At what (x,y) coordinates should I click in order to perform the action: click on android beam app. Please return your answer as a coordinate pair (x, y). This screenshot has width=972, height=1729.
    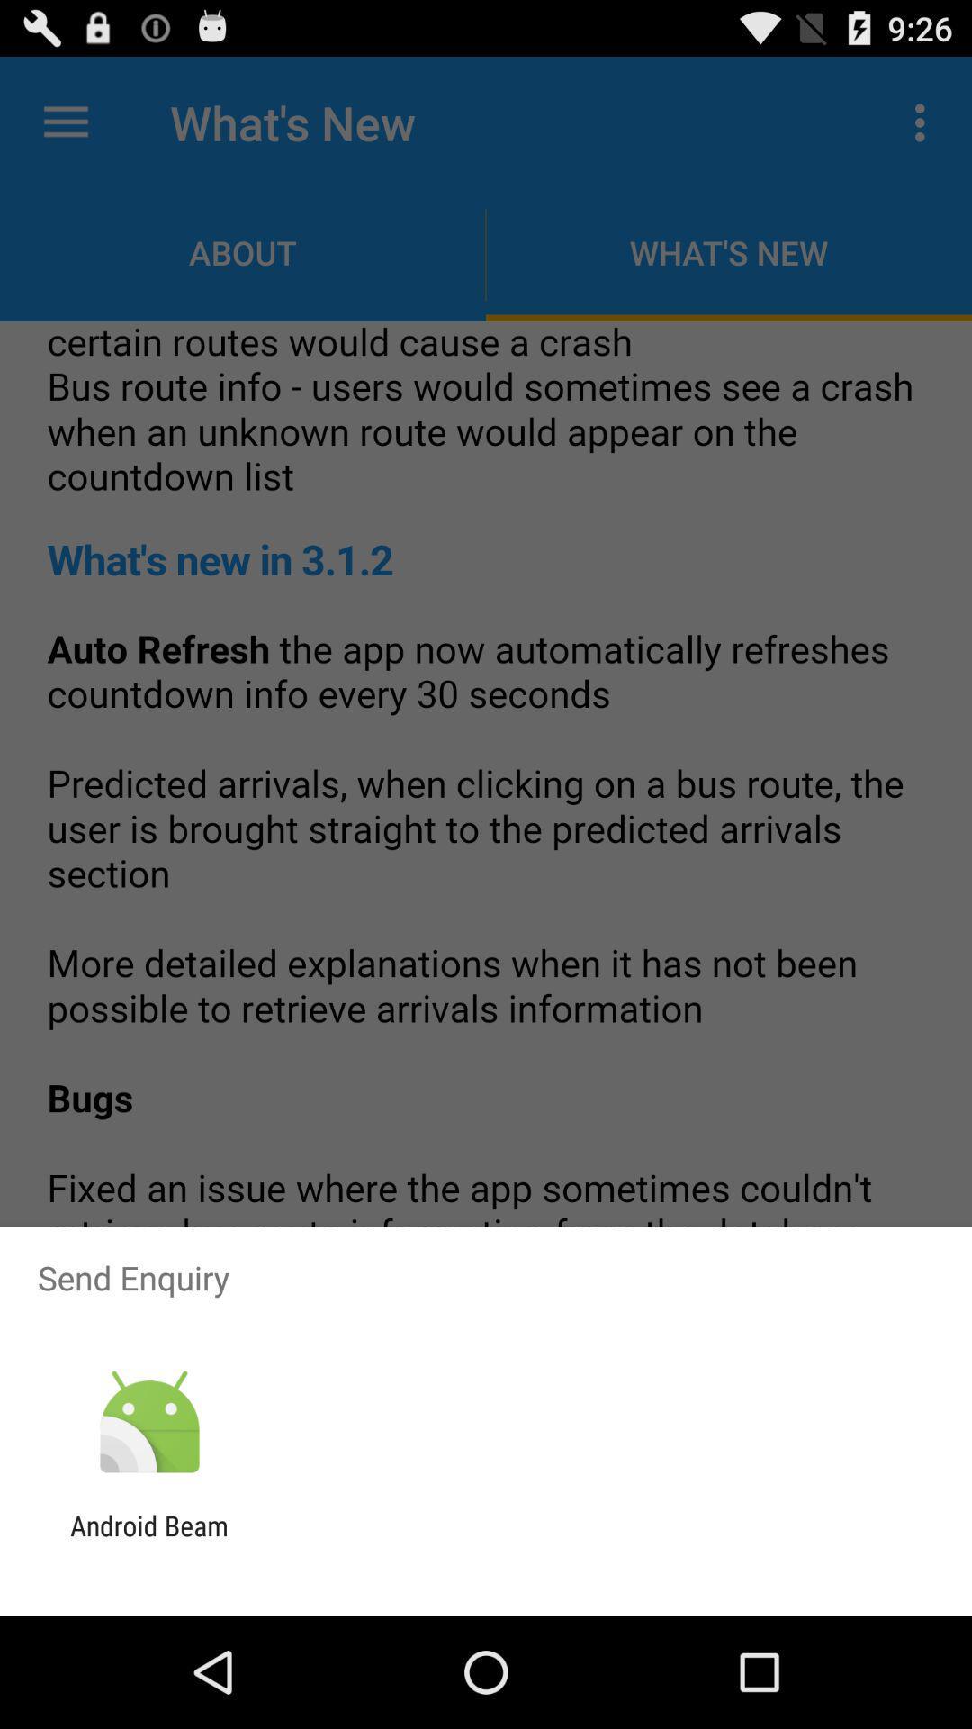
    Looking at the image, I should click on (148, 1541).